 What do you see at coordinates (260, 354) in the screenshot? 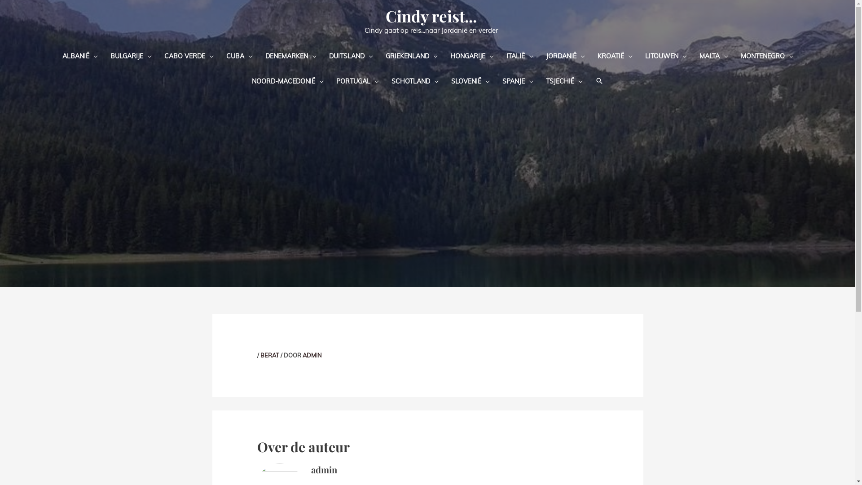
I see `'BERAT'` at bounding box center [260, 354].